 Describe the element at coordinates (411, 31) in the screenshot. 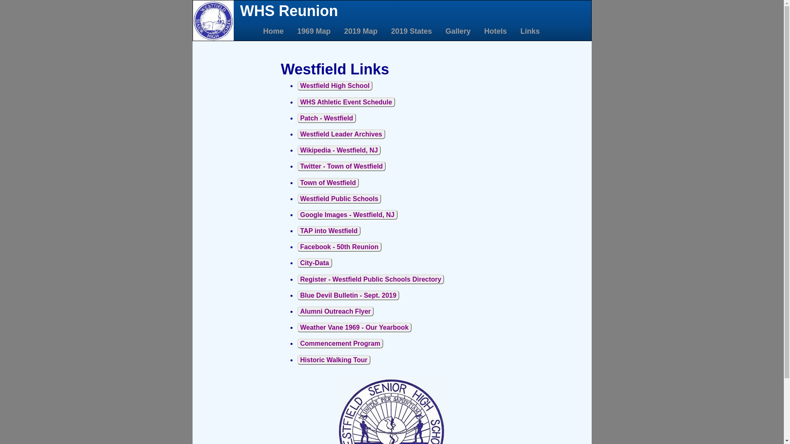

I see `'2019 States'` at that location.